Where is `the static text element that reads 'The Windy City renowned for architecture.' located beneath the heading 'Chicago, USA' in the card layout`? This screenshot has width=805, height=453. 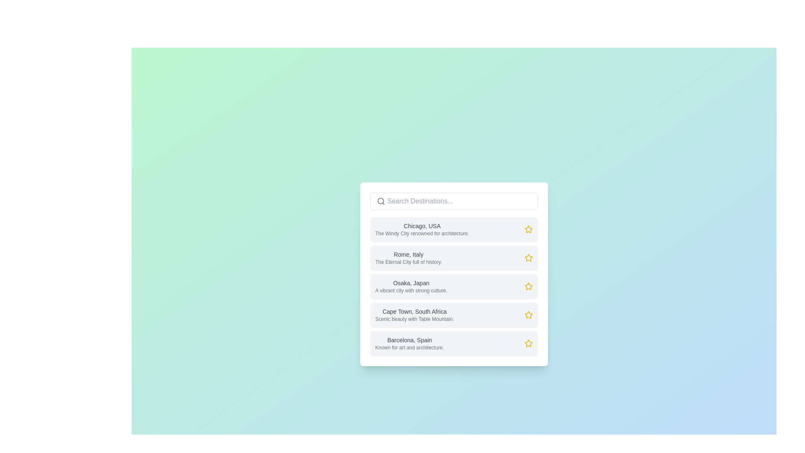
the static text element that reads 'The Windy City renowned for architecture.' located beneath the heading 'Chicago, USA' in the card layout is located at coordinates (422, 233).